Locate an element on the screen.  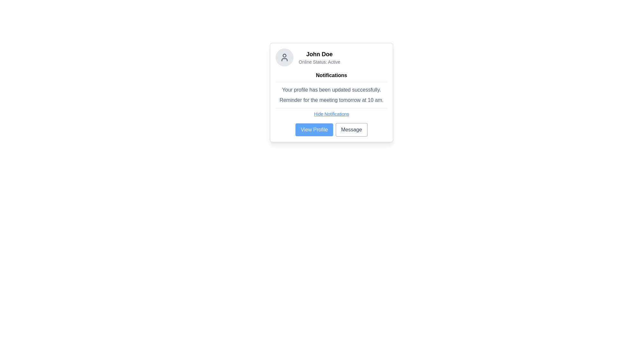
the 'View Profile' button, which is a rectangular button with rounded corners, blue background, and white text, located in the lower section of a user profile card is located at coordinates (314, 130).